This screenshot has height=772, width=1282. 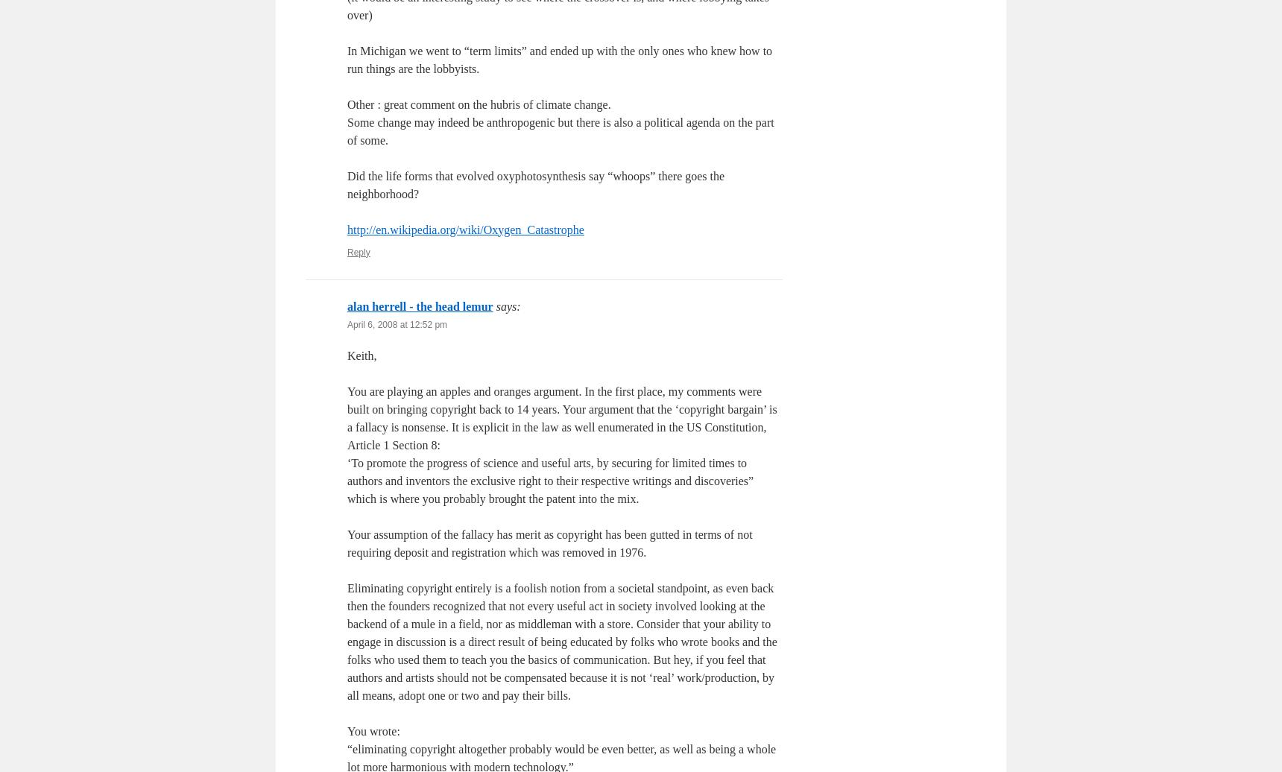 I want to click on 'Did the life forms that evolved oxyphotosynthesis say “whoops” there goes the neighborhood?', so click(x=346, y=184).